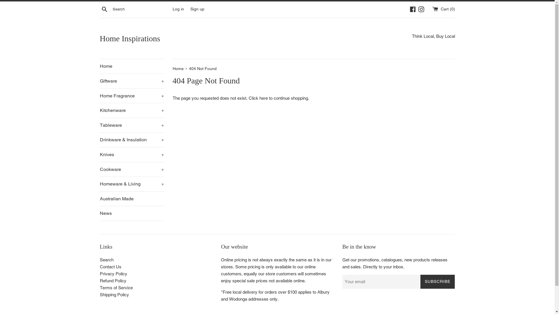 The image size is (559, 314). Describe the element at coordinates (131, 213) in the screenshot. I see `'News'` at that location.